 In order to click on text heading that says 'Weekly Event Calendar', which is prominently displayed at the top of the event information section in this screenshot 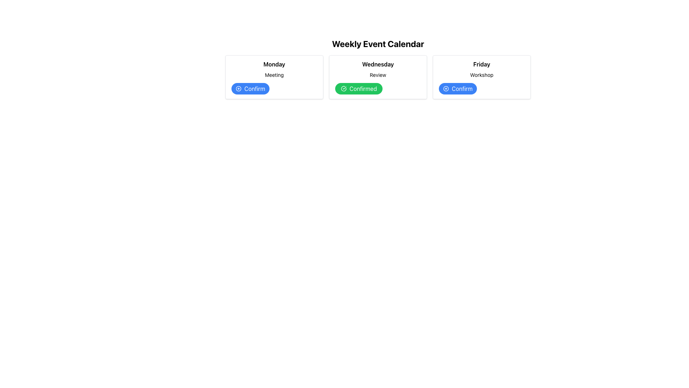, I will do `click(378, 44)`.